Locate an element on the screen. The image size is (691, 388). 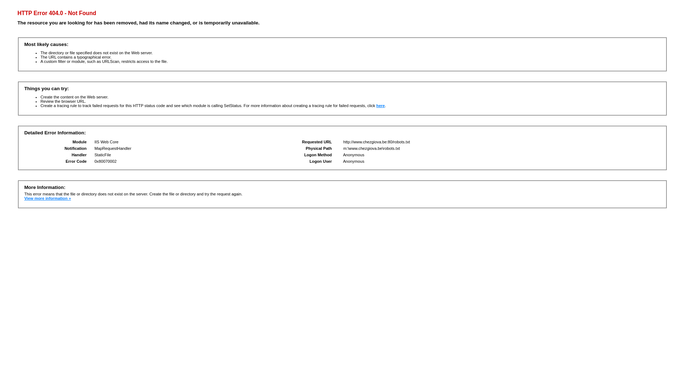
'here' is located at coordinates (376, 105).